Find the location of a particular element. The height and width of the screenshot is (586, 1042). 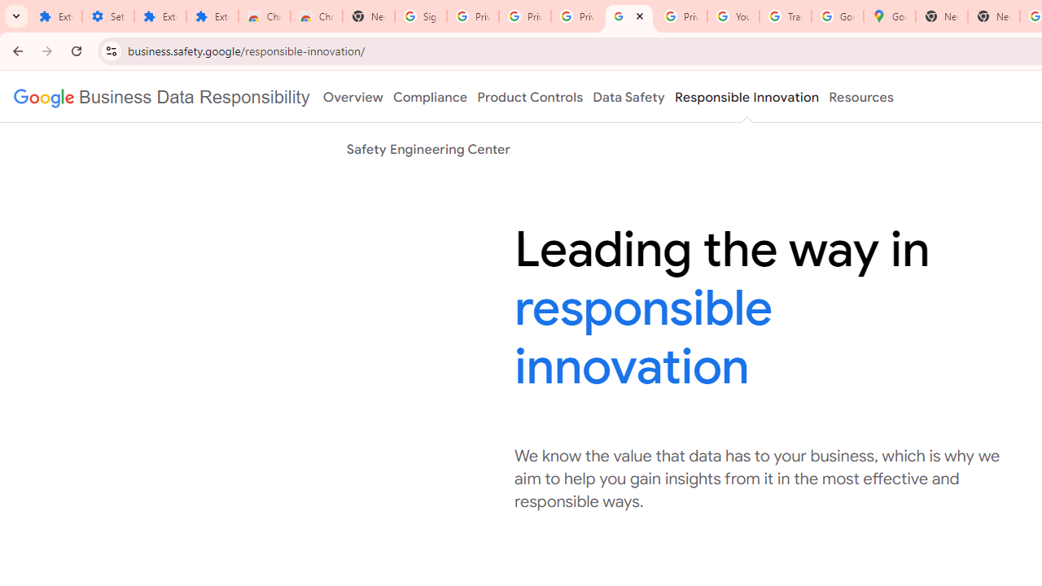

'Product Controls' is located at coordinates (530, 97).